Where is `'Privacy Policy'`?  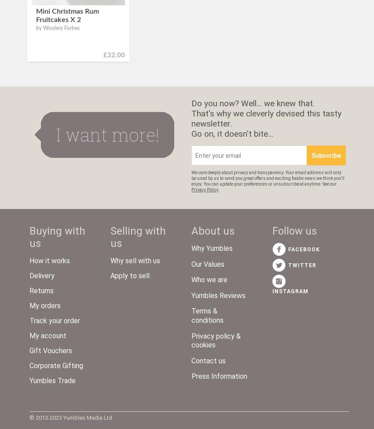
'Privacy Policy' is located at coordinates (204, 190).